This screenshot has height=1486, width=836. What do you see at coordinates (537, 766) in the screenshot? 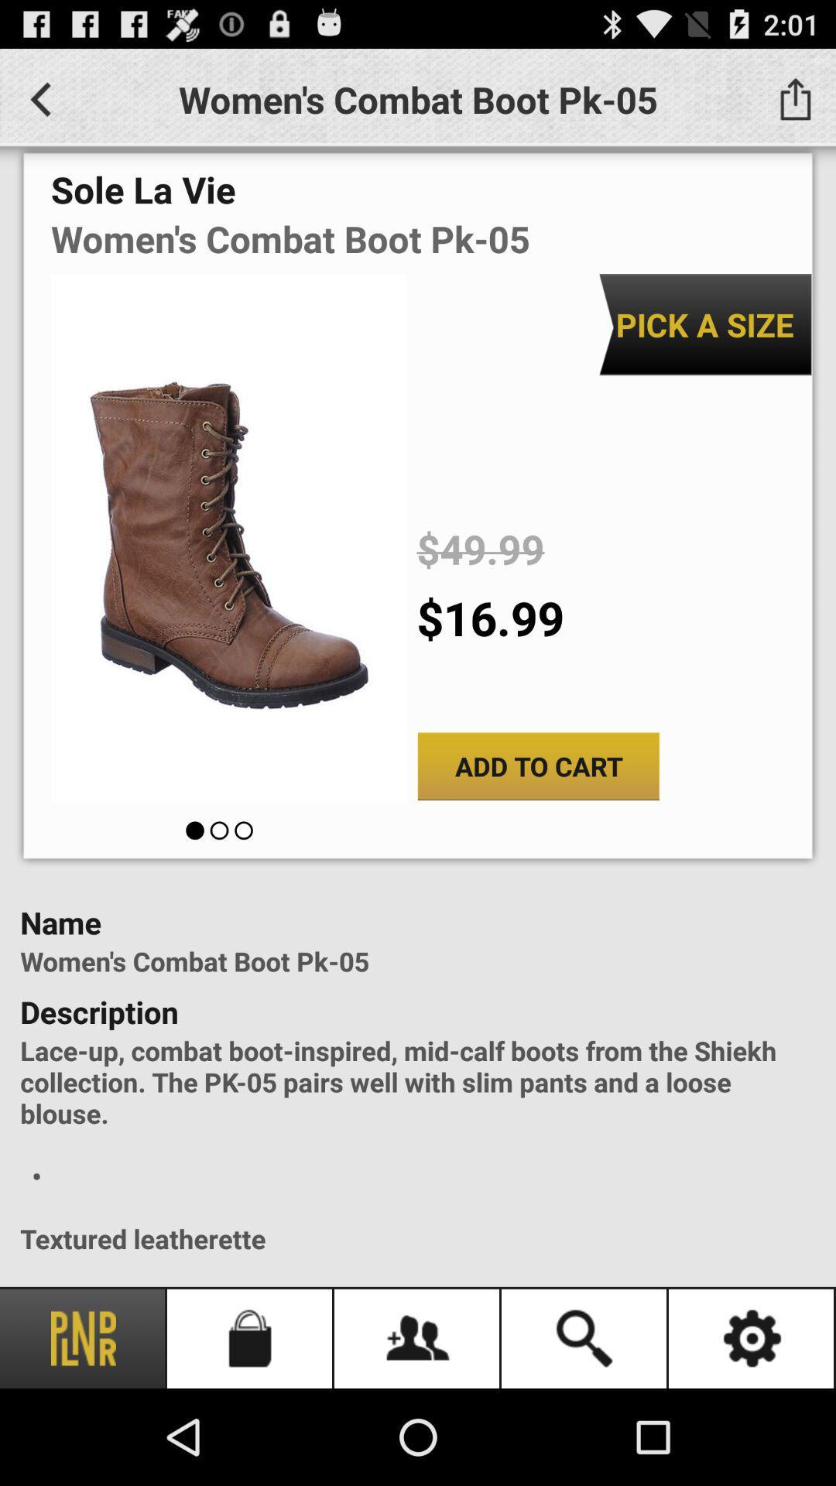
I see `add to cart icon` at bounding box center [537, 766].